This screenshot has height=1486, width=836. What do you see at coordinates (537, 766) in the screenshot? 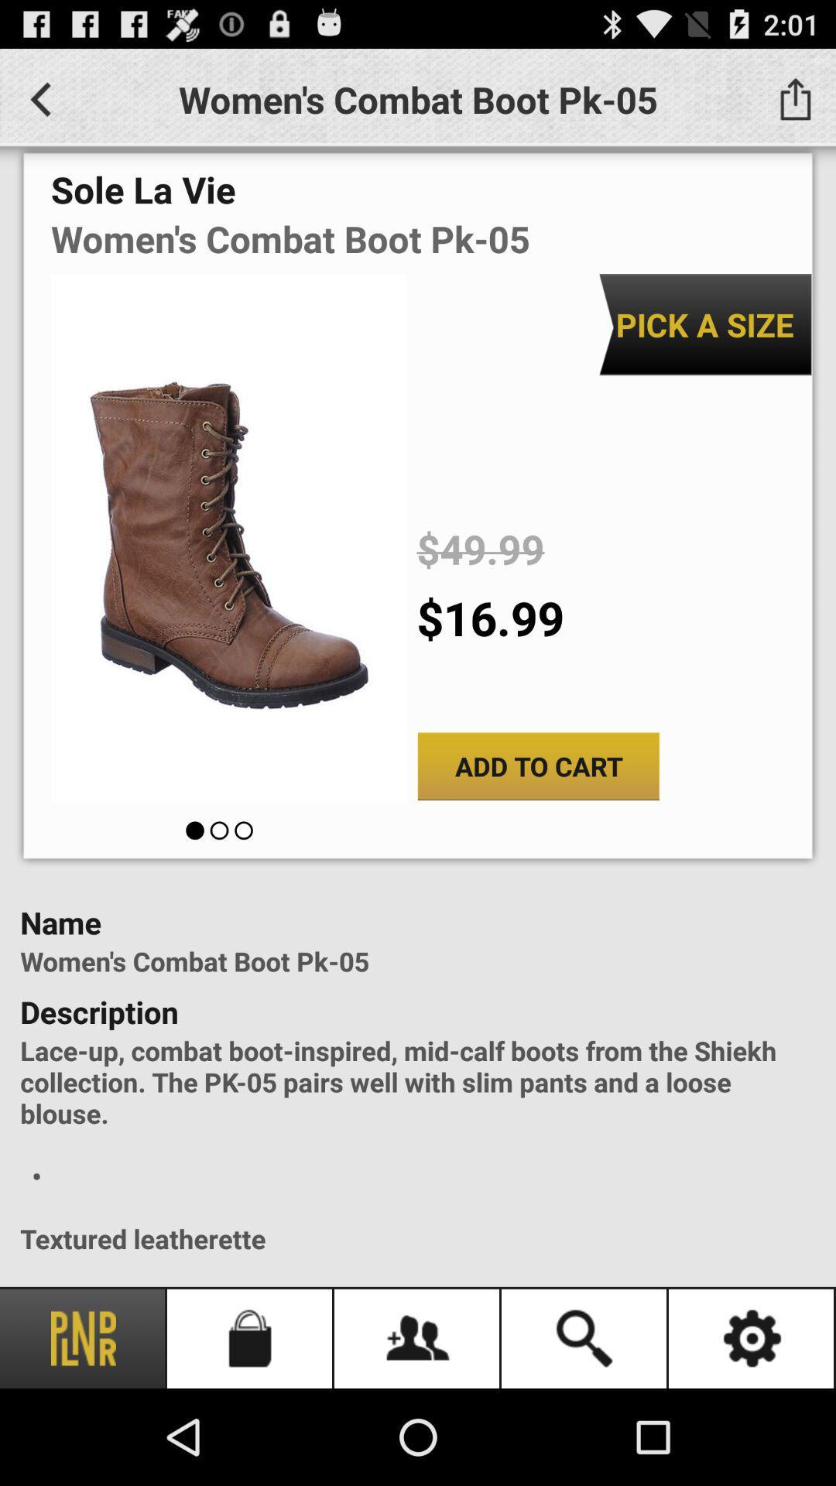
I see `add to cart icon` at bounding box center [537, 766].